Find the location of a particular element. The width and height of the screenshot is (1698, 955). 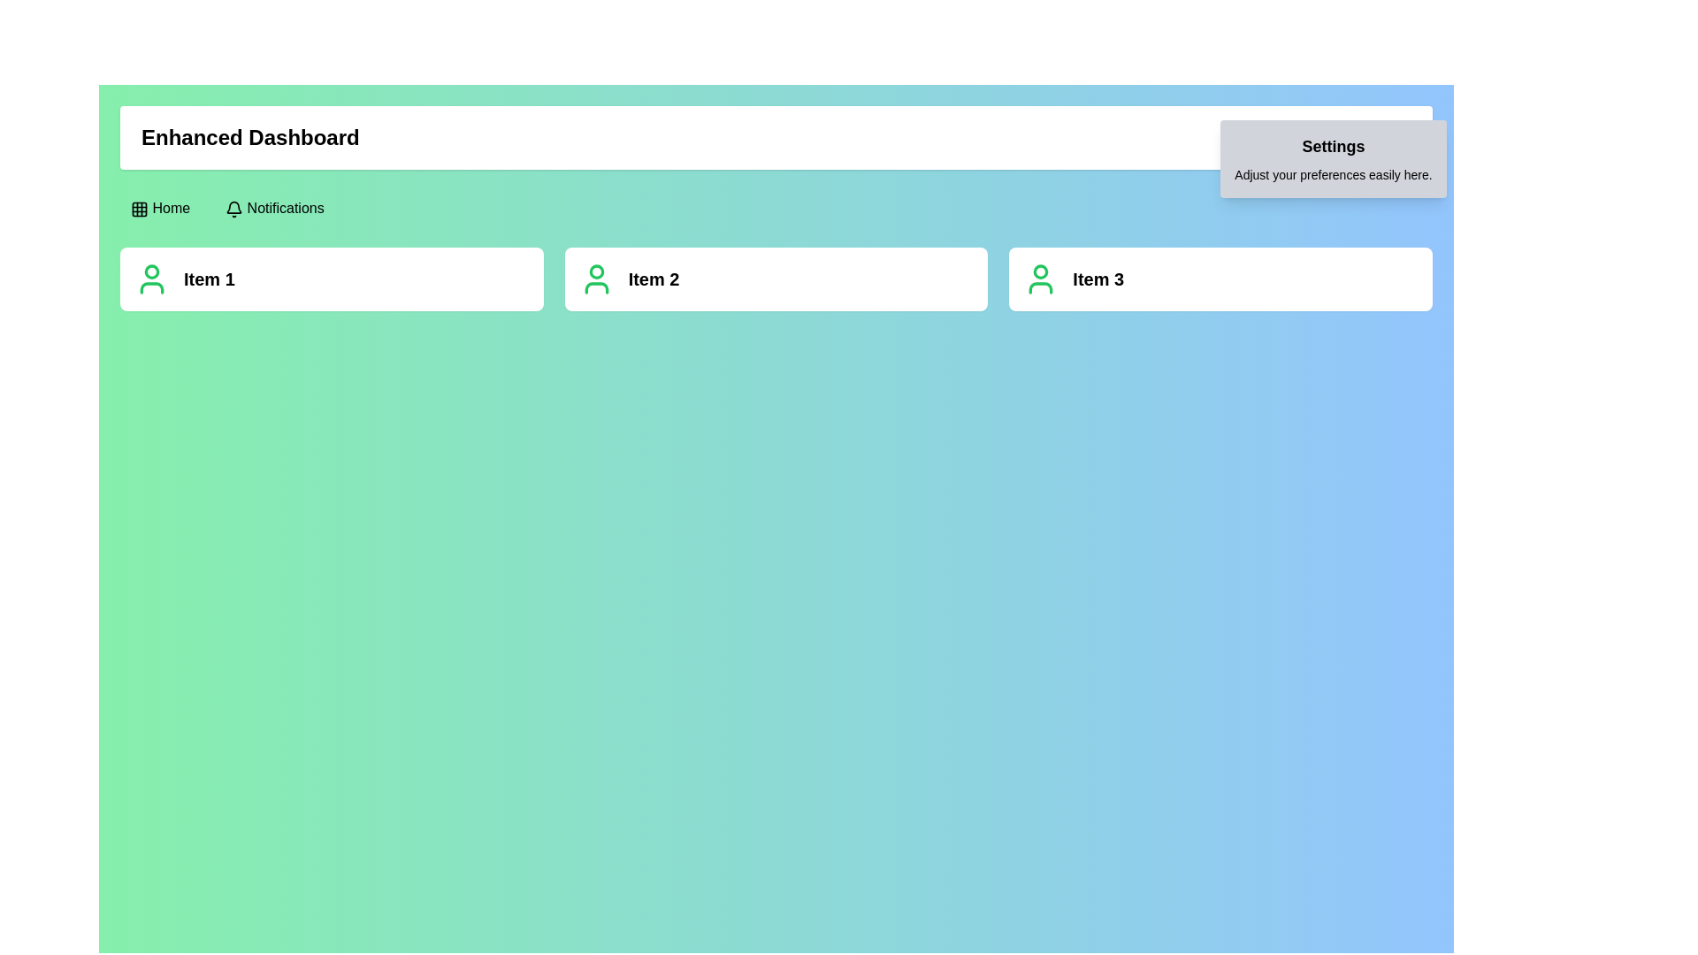

the circular icon located at the top center of the profile icon area for 'Item 3' to check for visual feedback is located at coordinates (1041, 271).